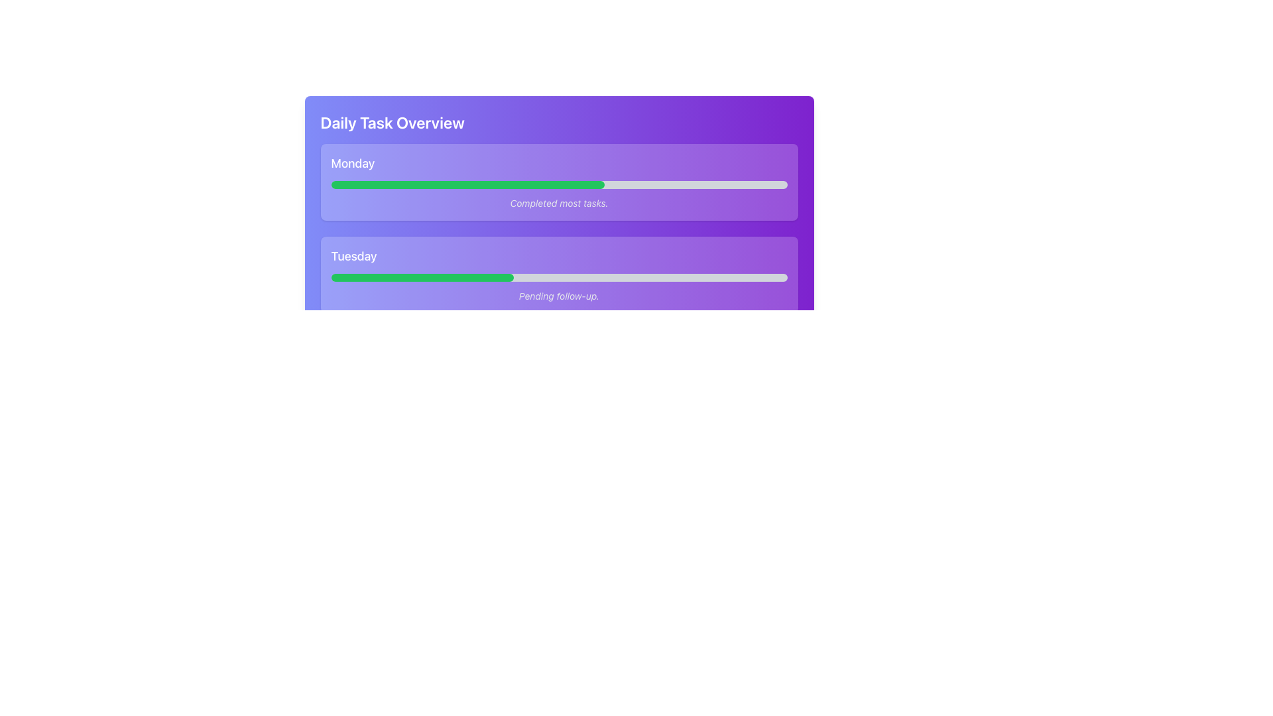 This screenshot has height=716, width=1273. I want to click on information displayed on the Task progress card for Tuesday, which is the second card in the vertical layout, to understand the task status, so click(559, 274).